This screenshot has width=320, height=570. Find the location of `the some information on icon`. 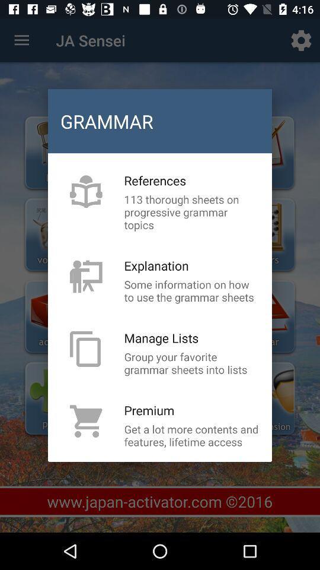

the some information on icon is located at coordinates (191, 290).